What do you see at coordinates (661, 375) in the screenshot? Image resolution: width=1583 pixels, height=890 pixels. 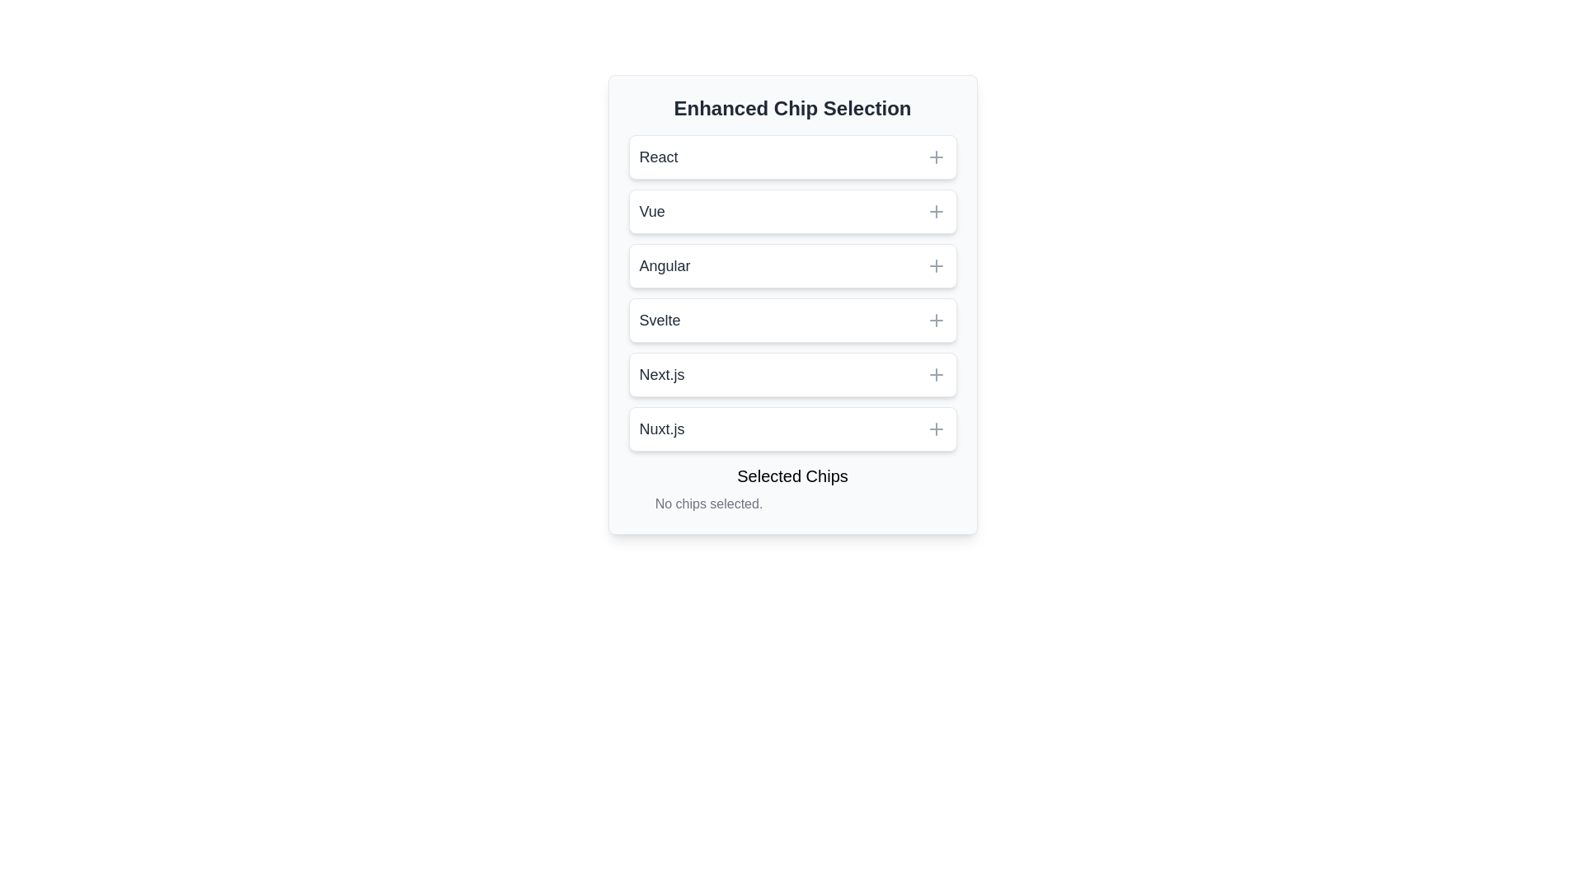 I see `text label that indicates an option related to 'Next.js', positioned in the center-left of the clickable card-like component` at bounding box center [661, 375].